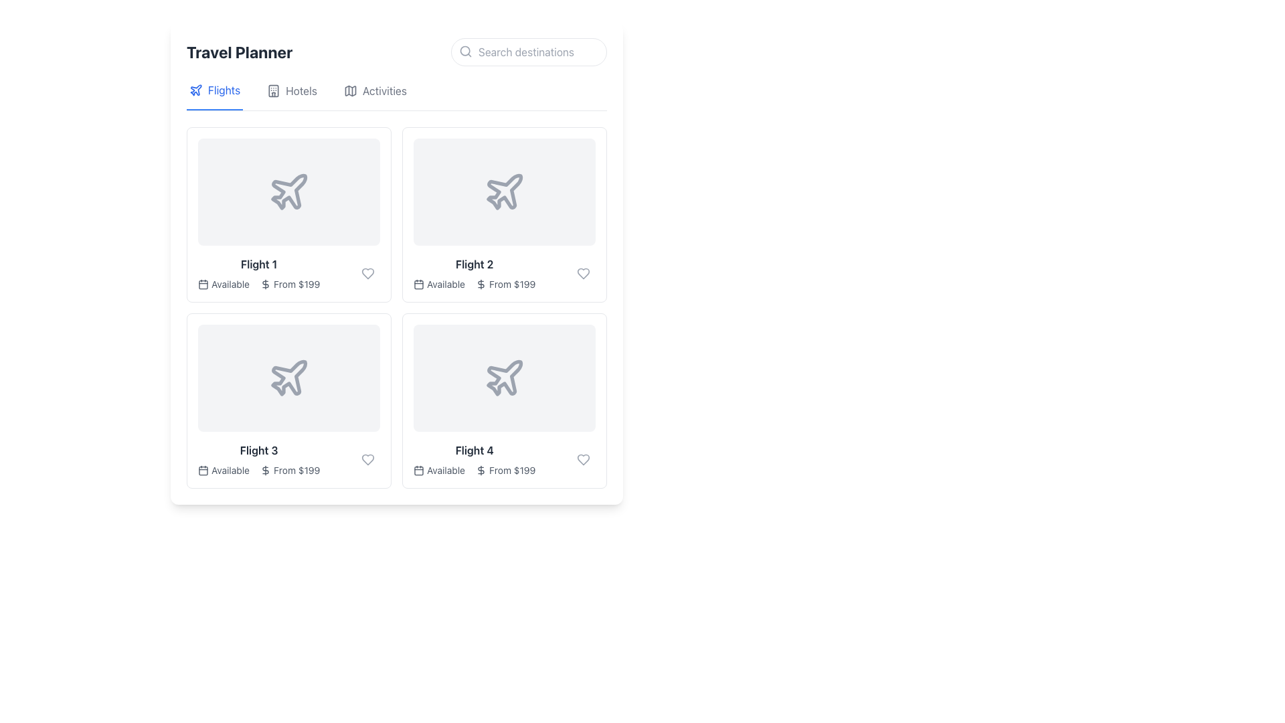 This screenshot has width=1285, height=723. Describe the element at coordinates (350, 90) in the screenshot. I see `the 'Activities' icon located in the navigation bar` at that location.